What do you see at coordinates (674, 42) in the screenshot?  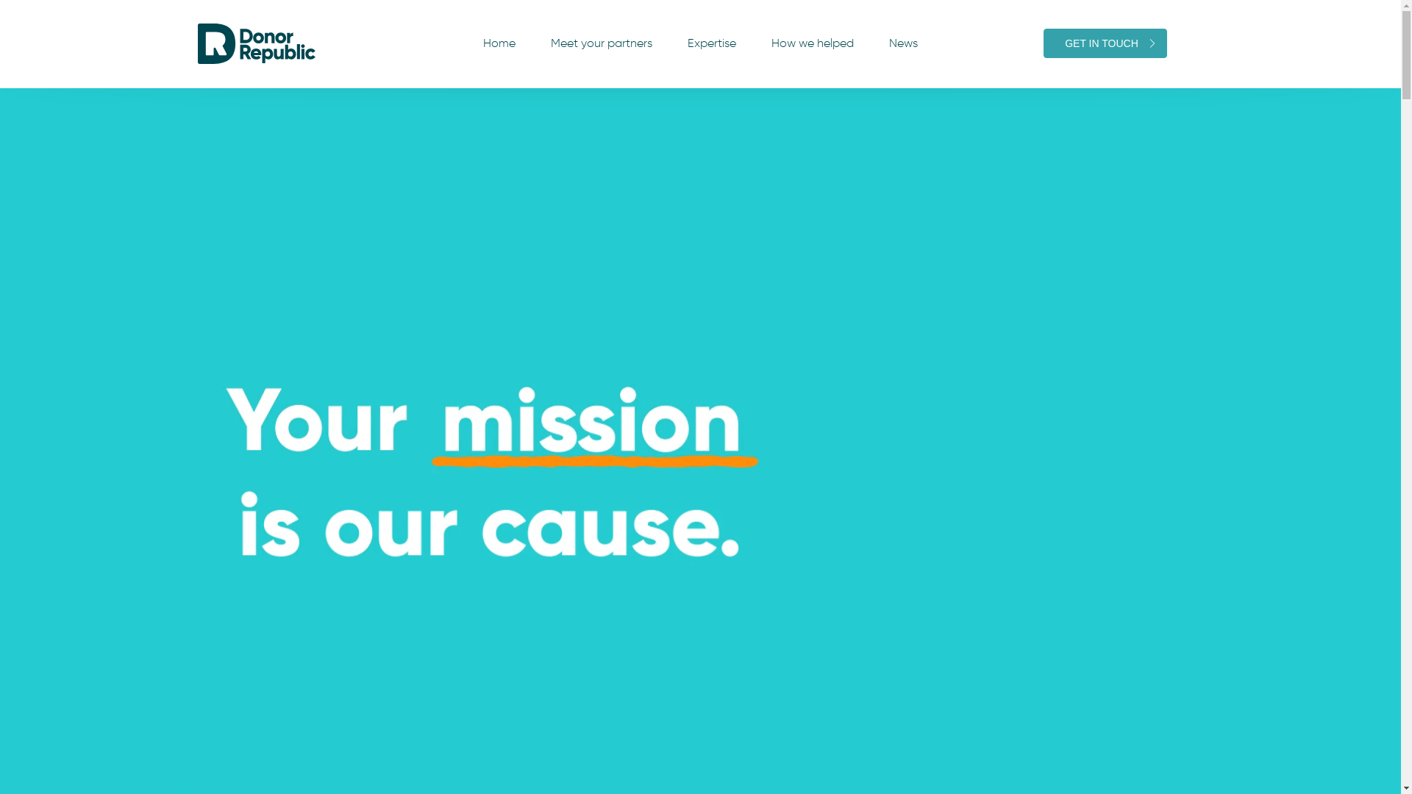 I see `'Expertise'` at bounding box center [674, 42].